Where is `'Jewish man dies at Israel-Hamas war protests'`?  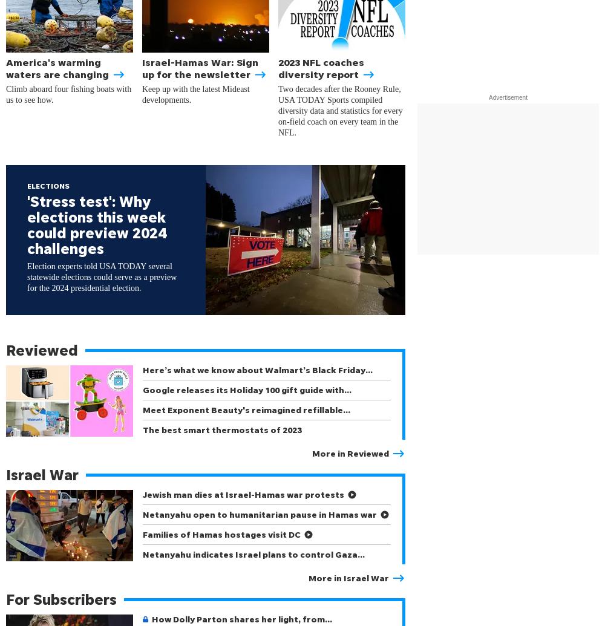
'Jewish man dies at Israel-Hamas war protests' is located at coordinates (243, 494).